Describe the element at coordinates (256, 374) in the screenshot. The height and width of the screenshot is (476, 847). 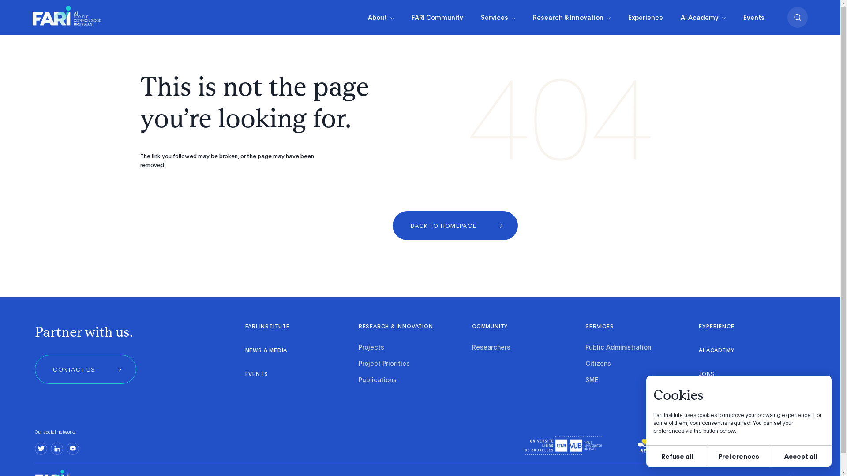
I see `'EVENTS'` at that location.